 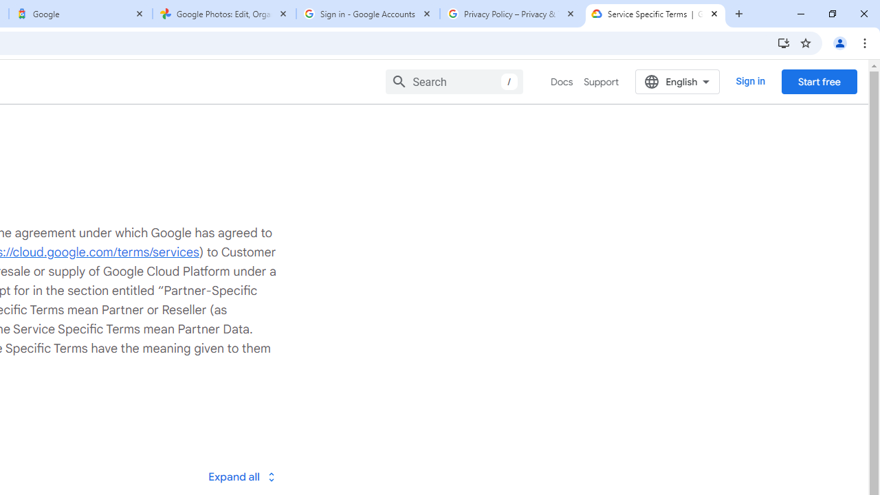 What do you see at coordinates (750, 81) in the screenshot?
I see `'Sign in'` at bounding box center [750, 81].